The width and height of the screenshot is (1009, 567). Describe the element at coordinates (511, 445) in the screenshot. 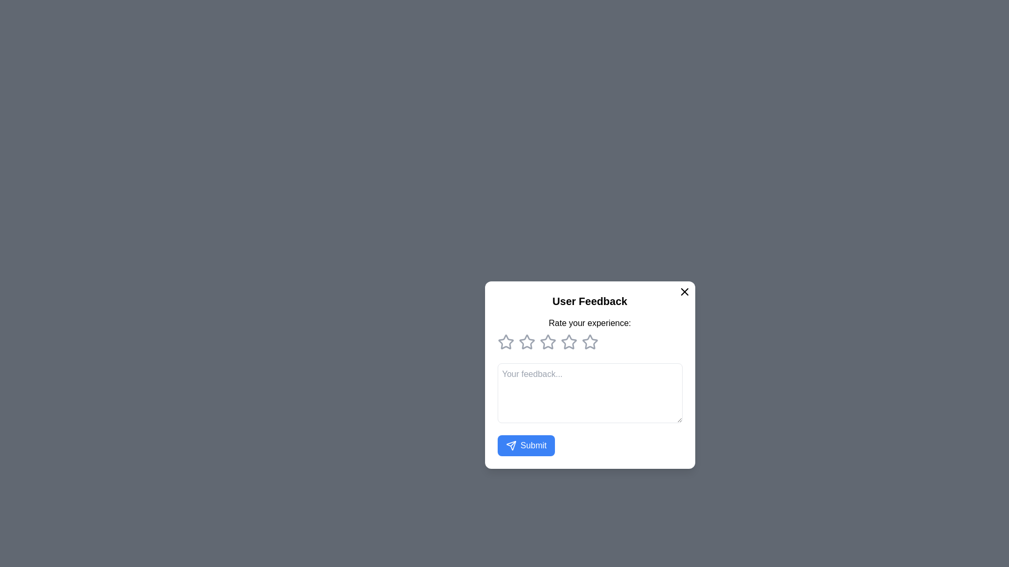

I see `the 'Submit' button icon, which is a blue button located at the bottom of the white feedback popup` at that location.